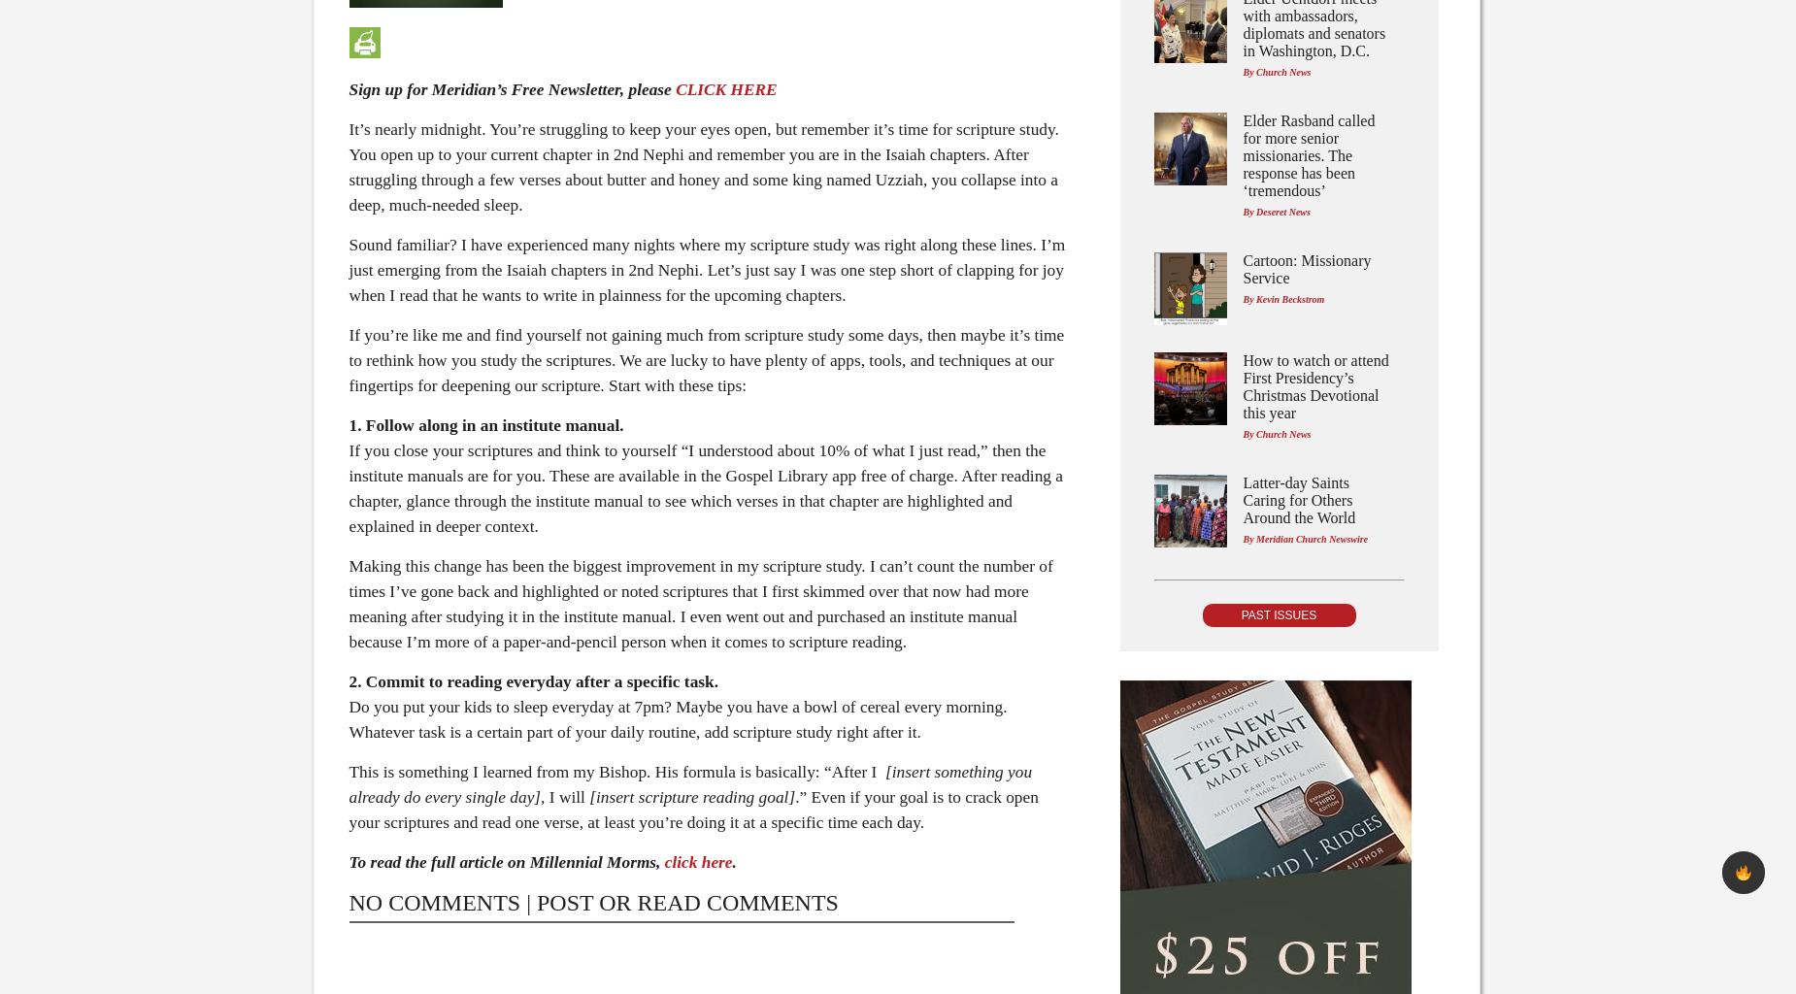 The width and height of the screenshot is (1796, 994). Describe the element at coordinates (348, 862) in the screenshot. I see `'To read the full article on Millennial Morms,'` at that location.